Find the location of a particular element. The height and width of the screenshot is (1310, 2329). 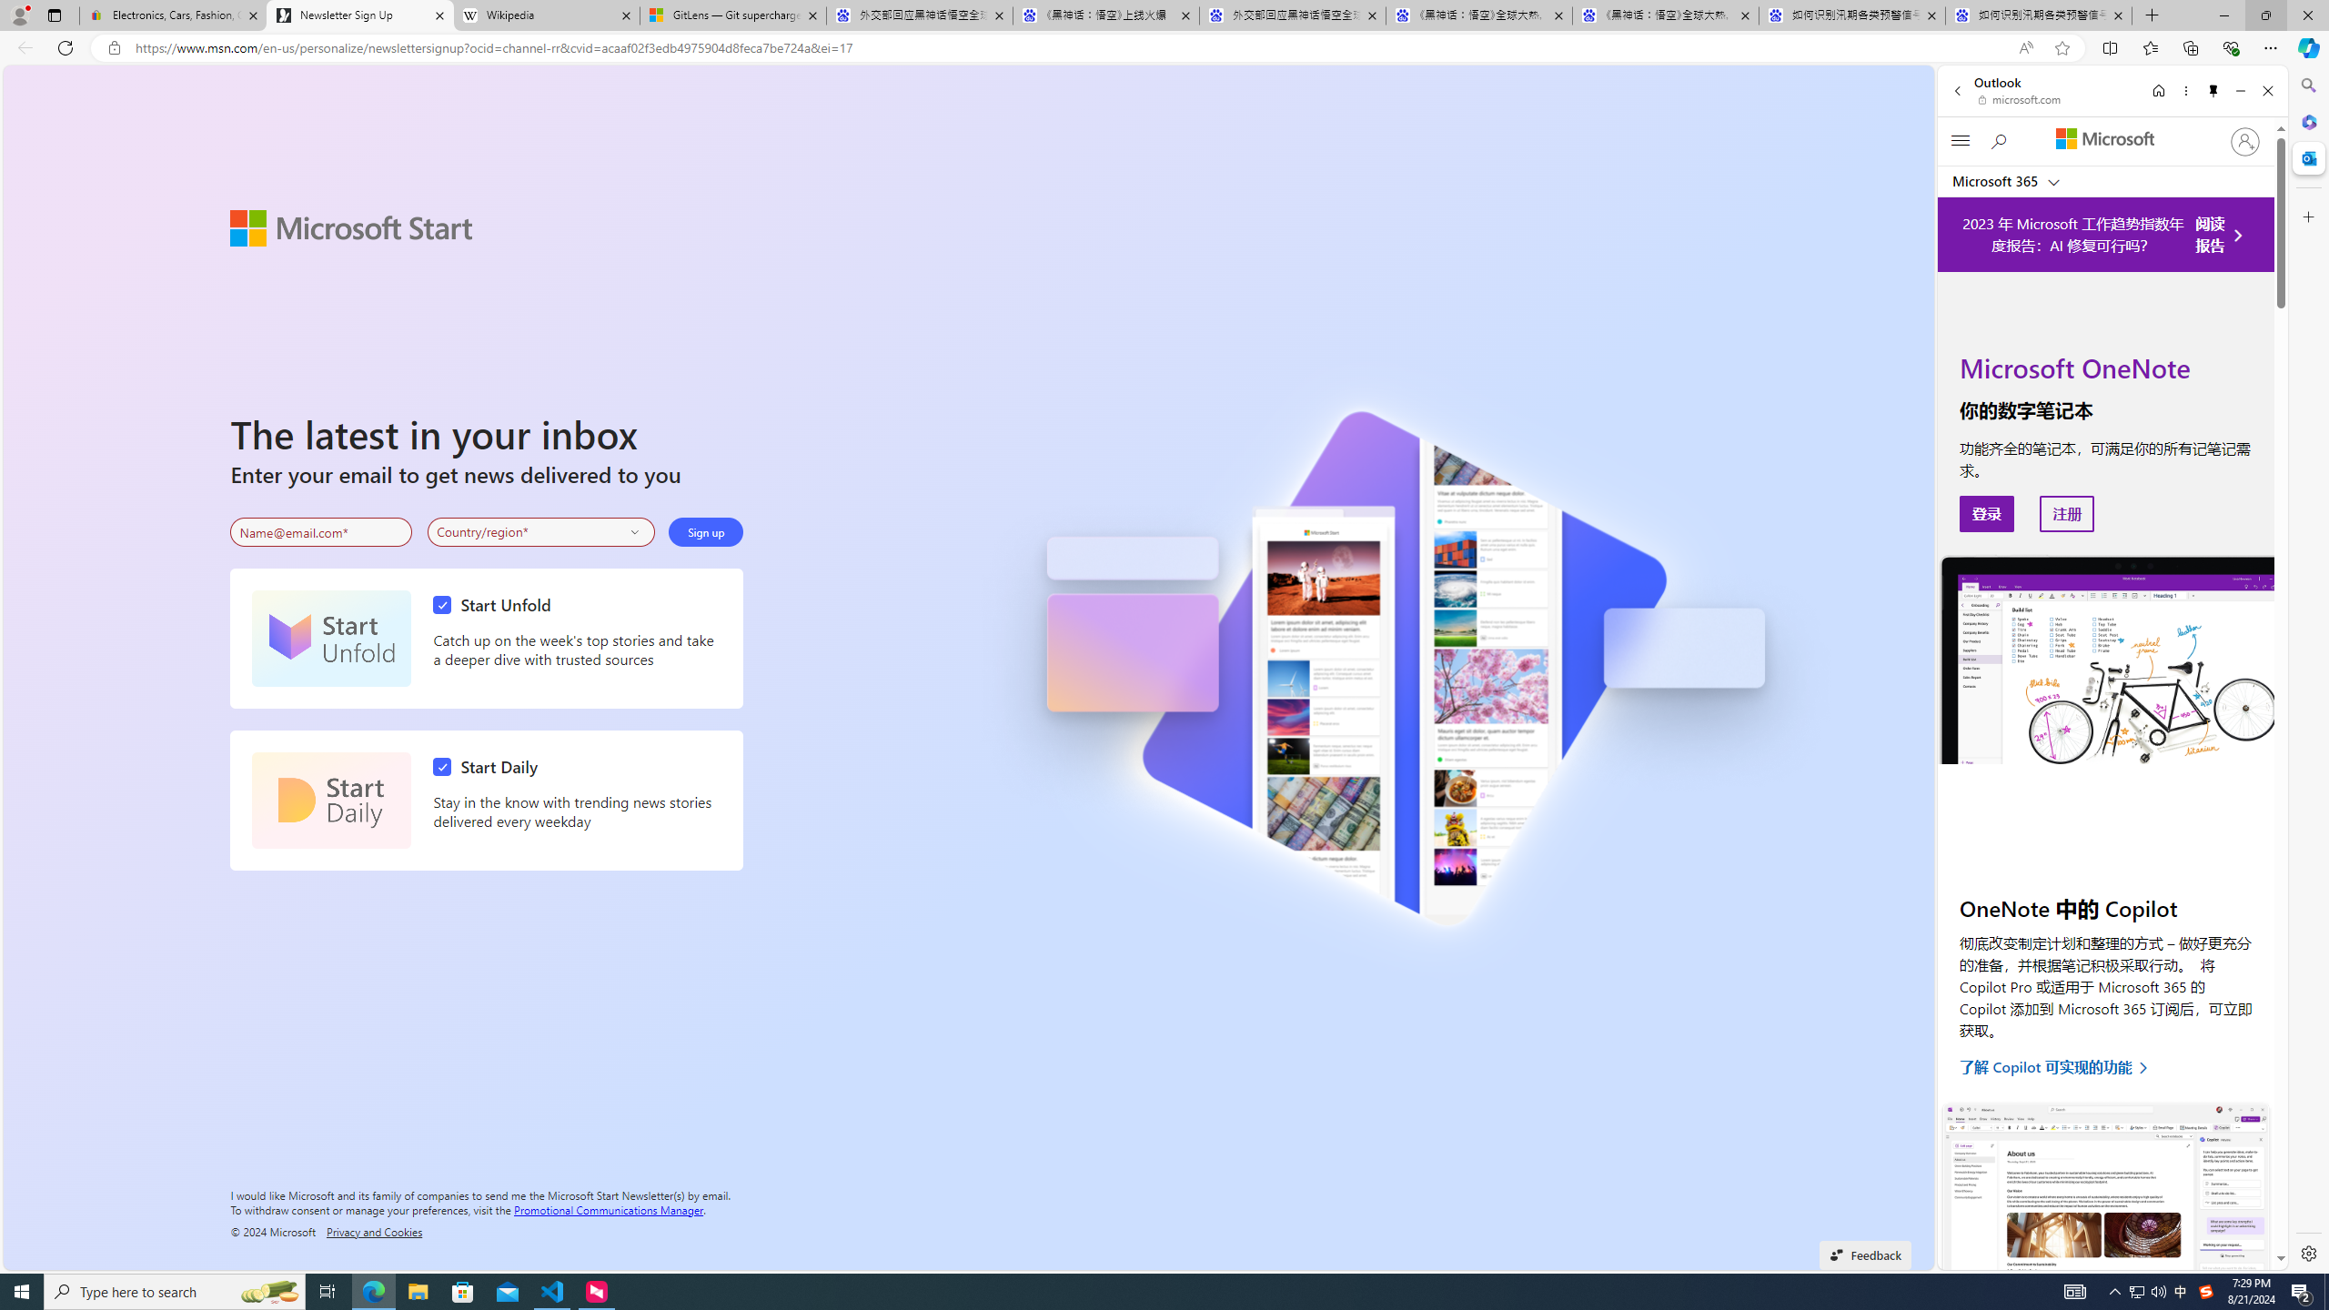

'Wikipedia' is located at coordinates (545, 15).